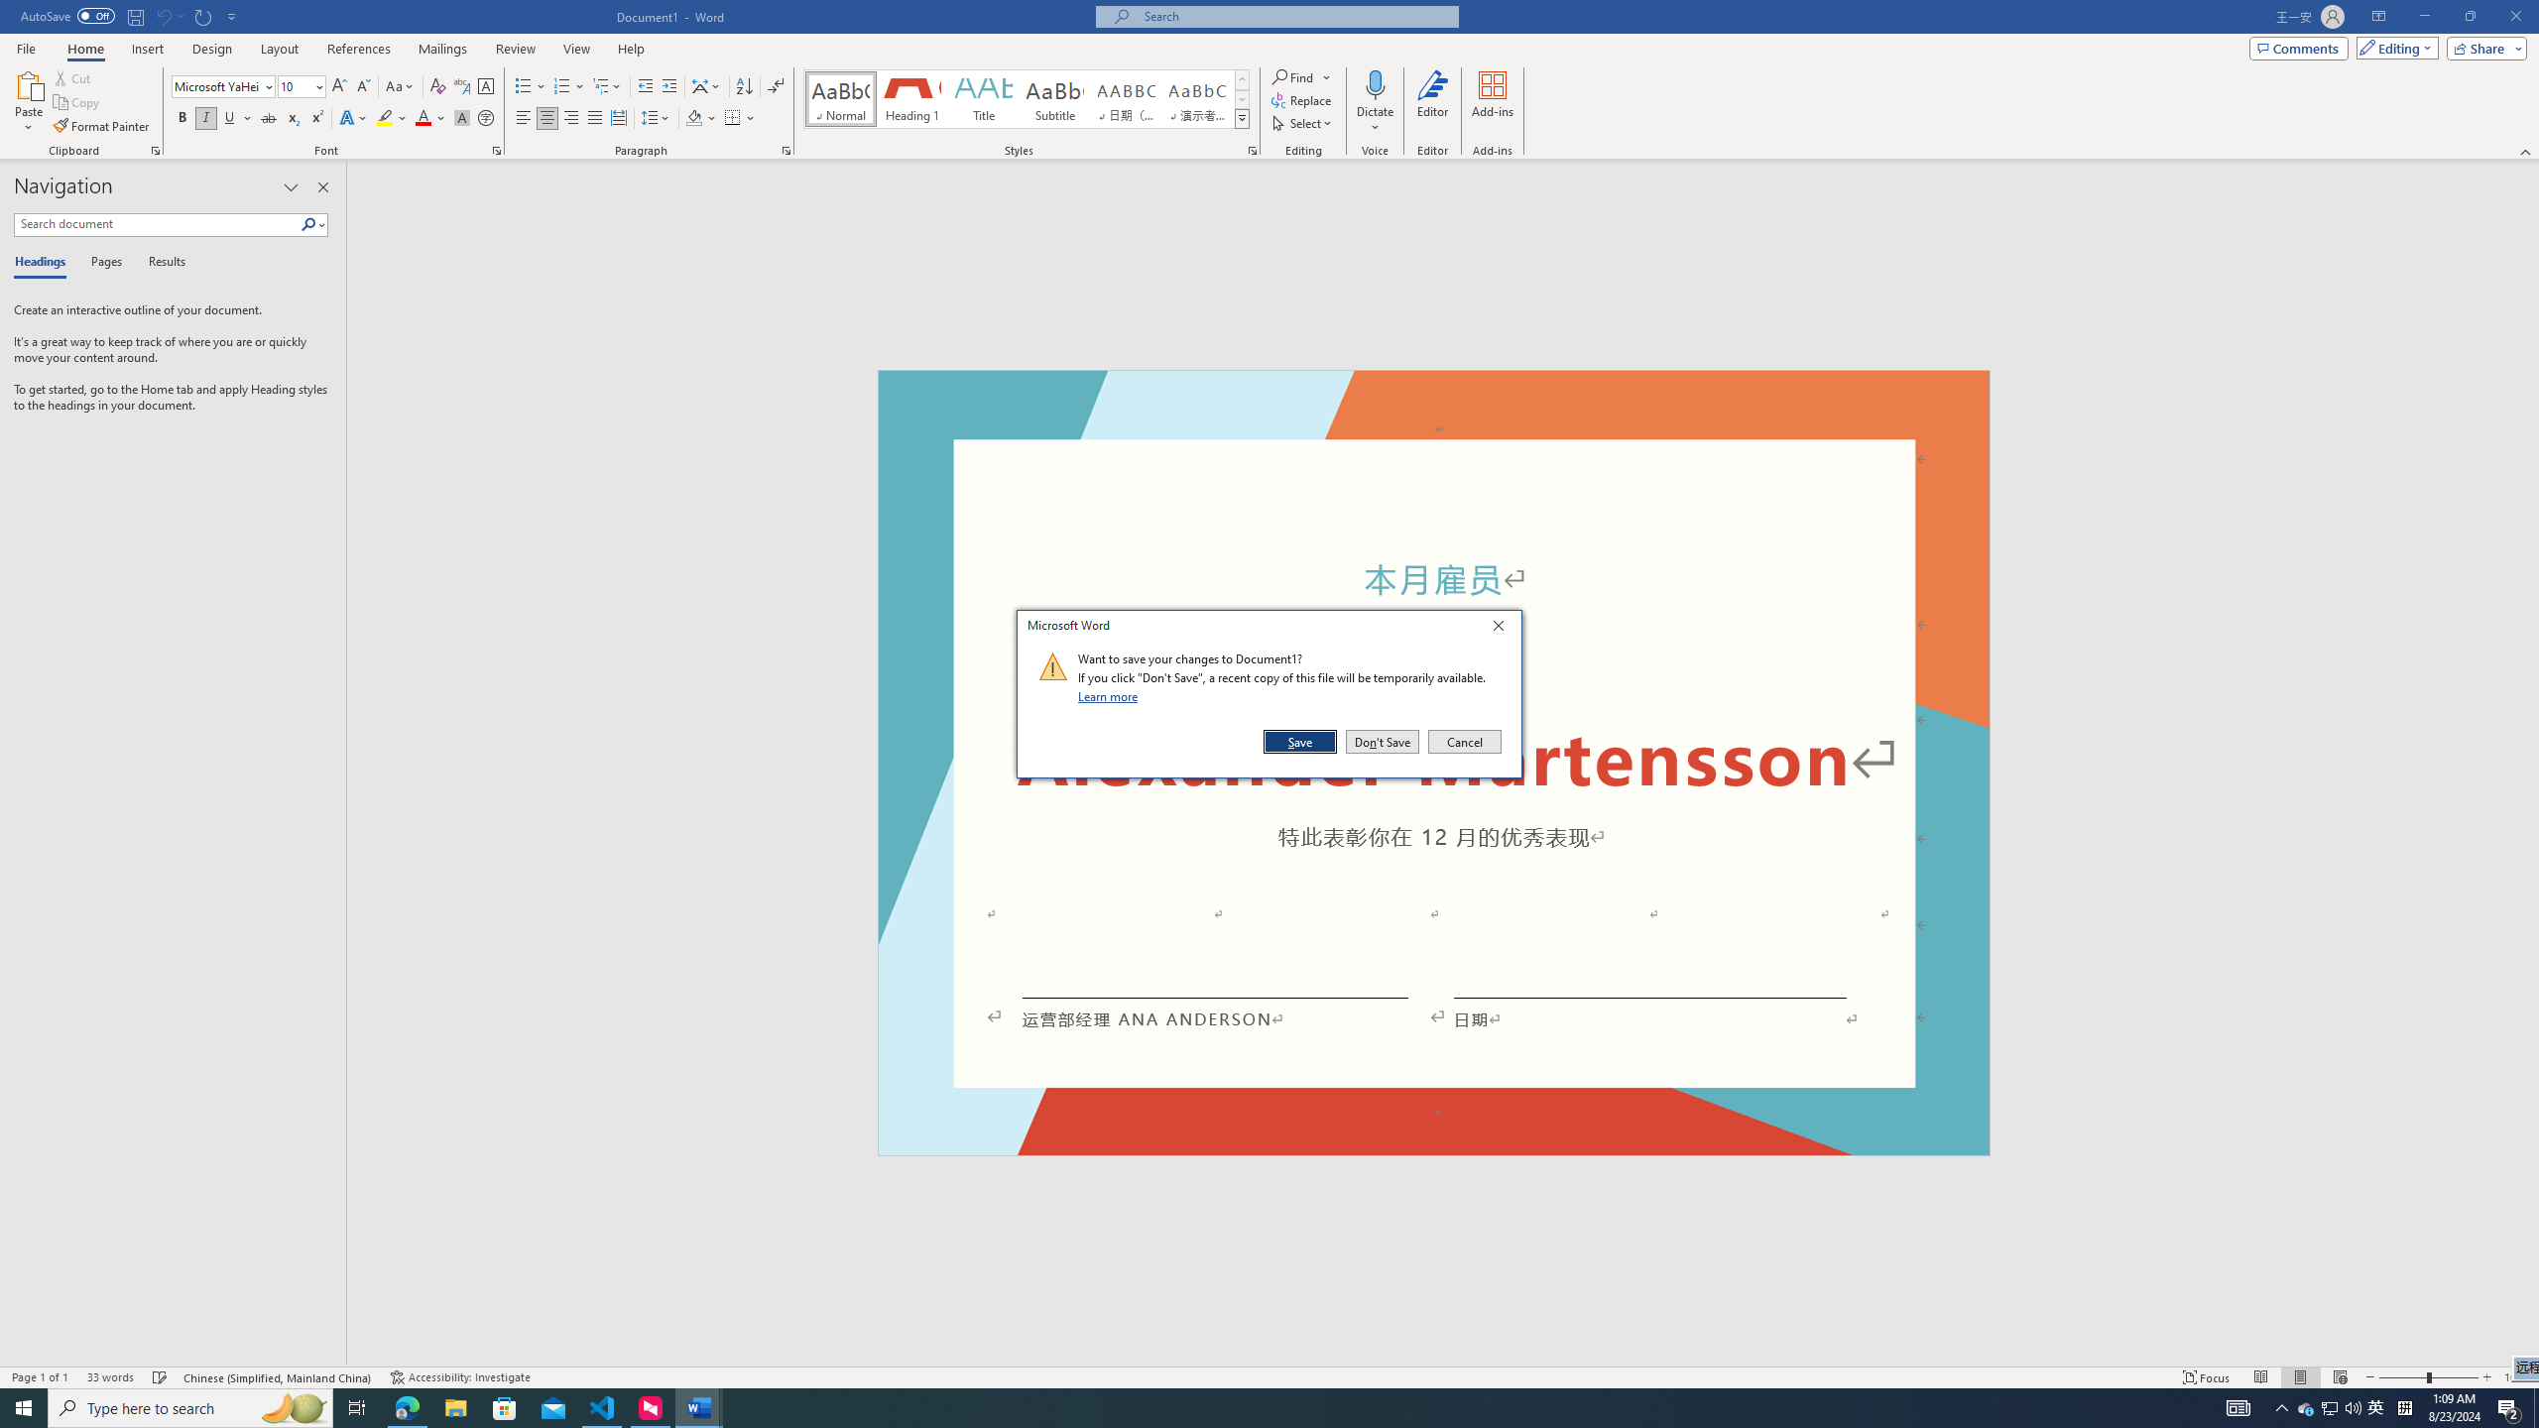  I want to click on 'Font Size', so click(301, 86).